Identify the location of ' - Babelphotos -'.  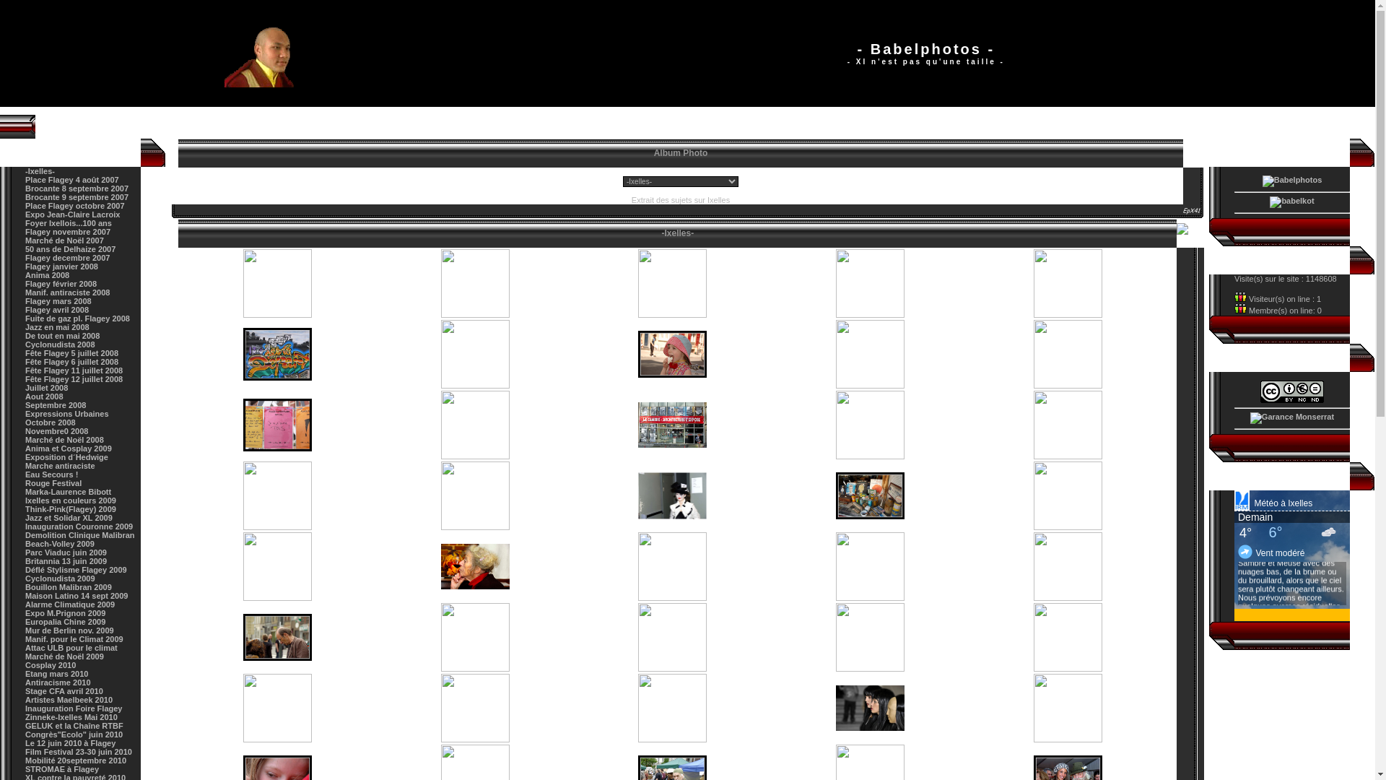
(269, 52).